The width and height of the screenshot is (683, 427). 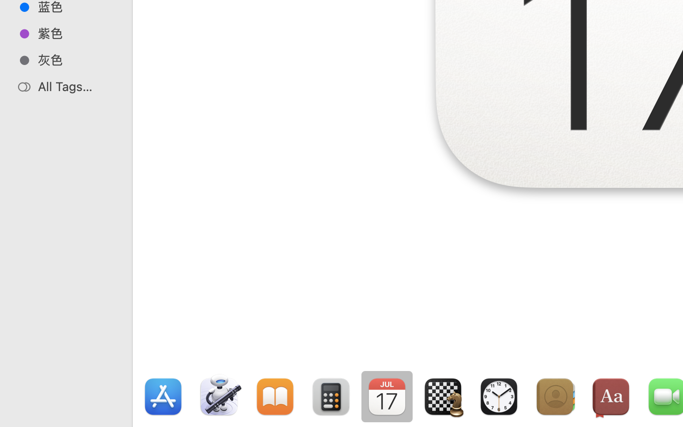 I want to click on '灰色', so click(x=75, y=60).